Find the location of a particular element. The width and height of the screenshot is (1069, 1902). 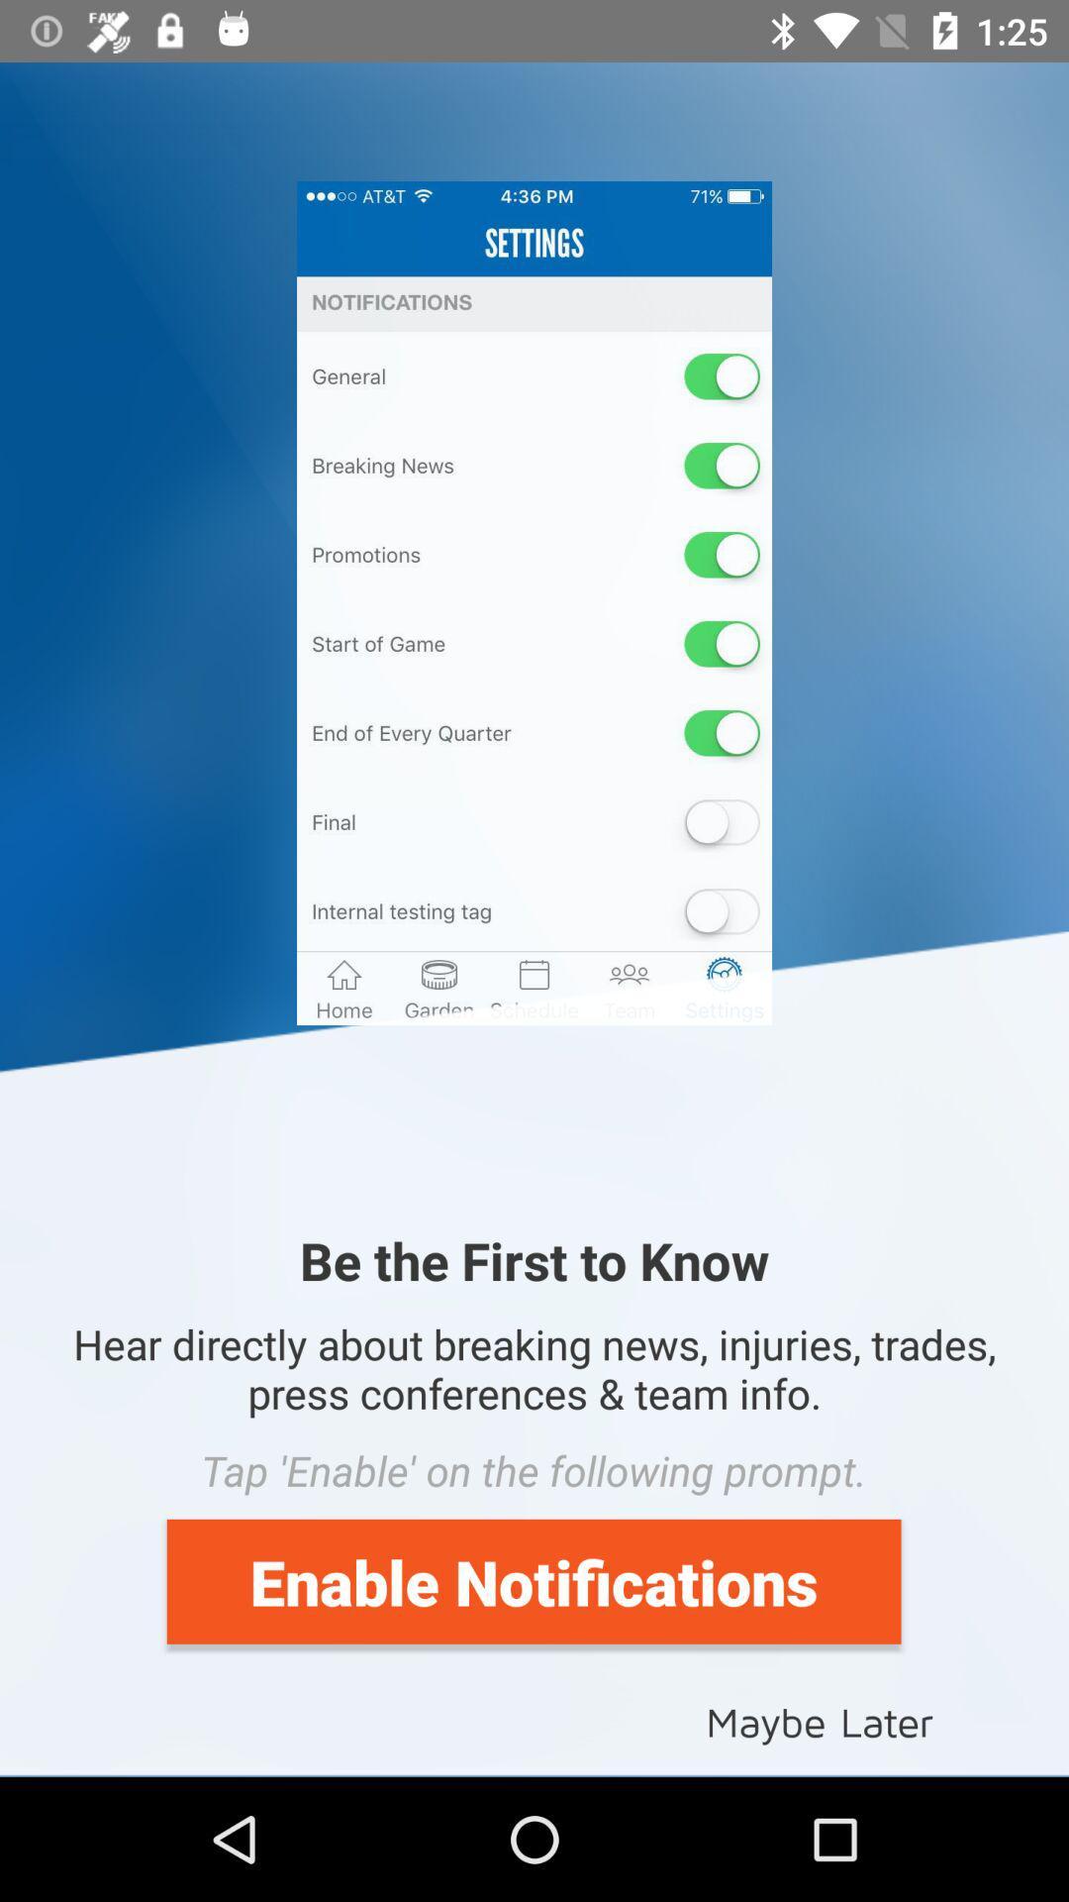

maybe later at the bottom right corner is located at coordinates (820, 1720).